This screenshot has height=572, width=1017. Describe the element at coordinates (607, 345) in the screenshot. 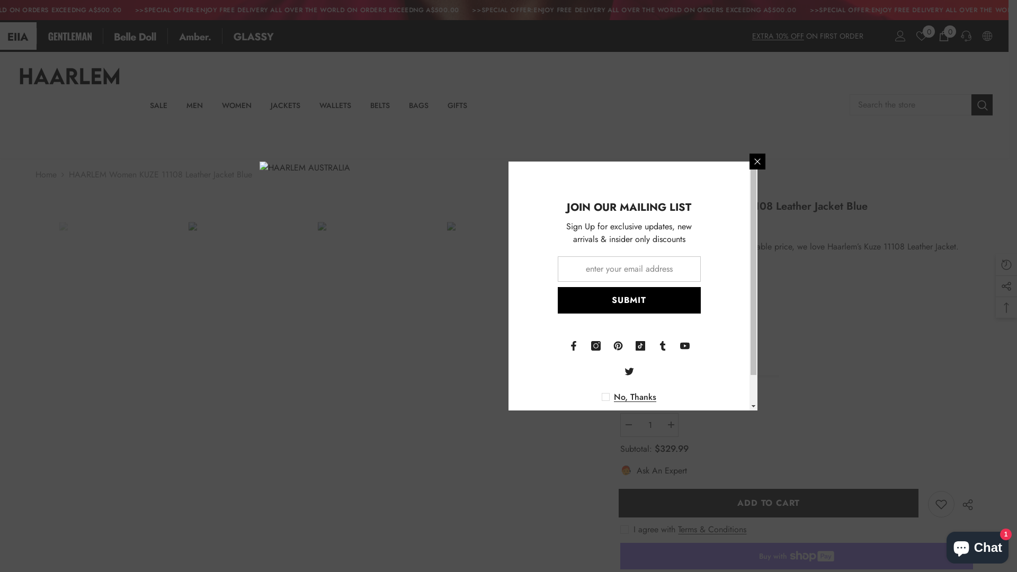

I see `'Pinterest'` at that location.